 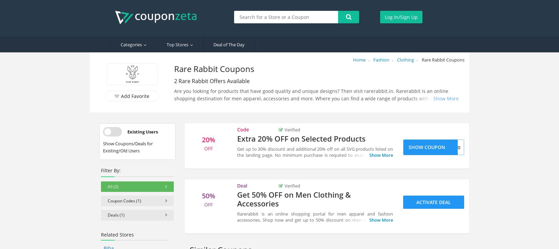 What do you see at coordinates (208, 195) in the screenshot?
I see `'50%'` at bounding box center [208, 195].